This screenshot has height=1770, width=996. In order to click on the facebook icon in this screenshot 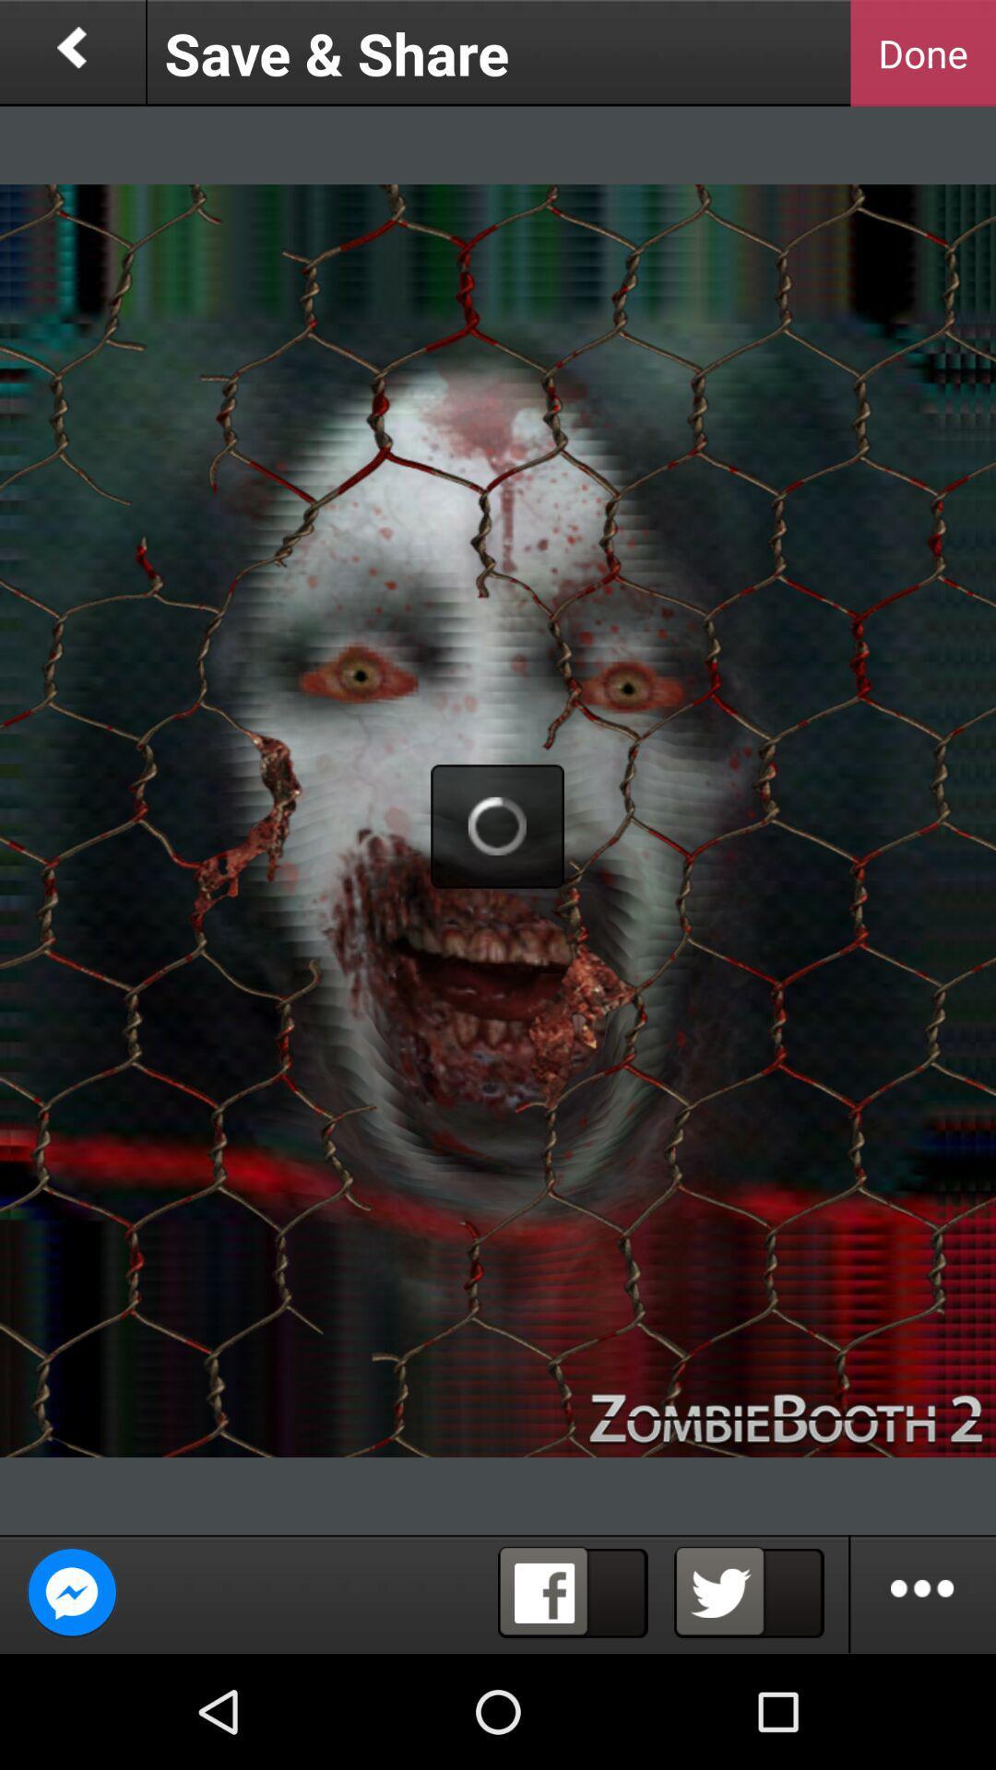, I will do `click(572, 1704)`.